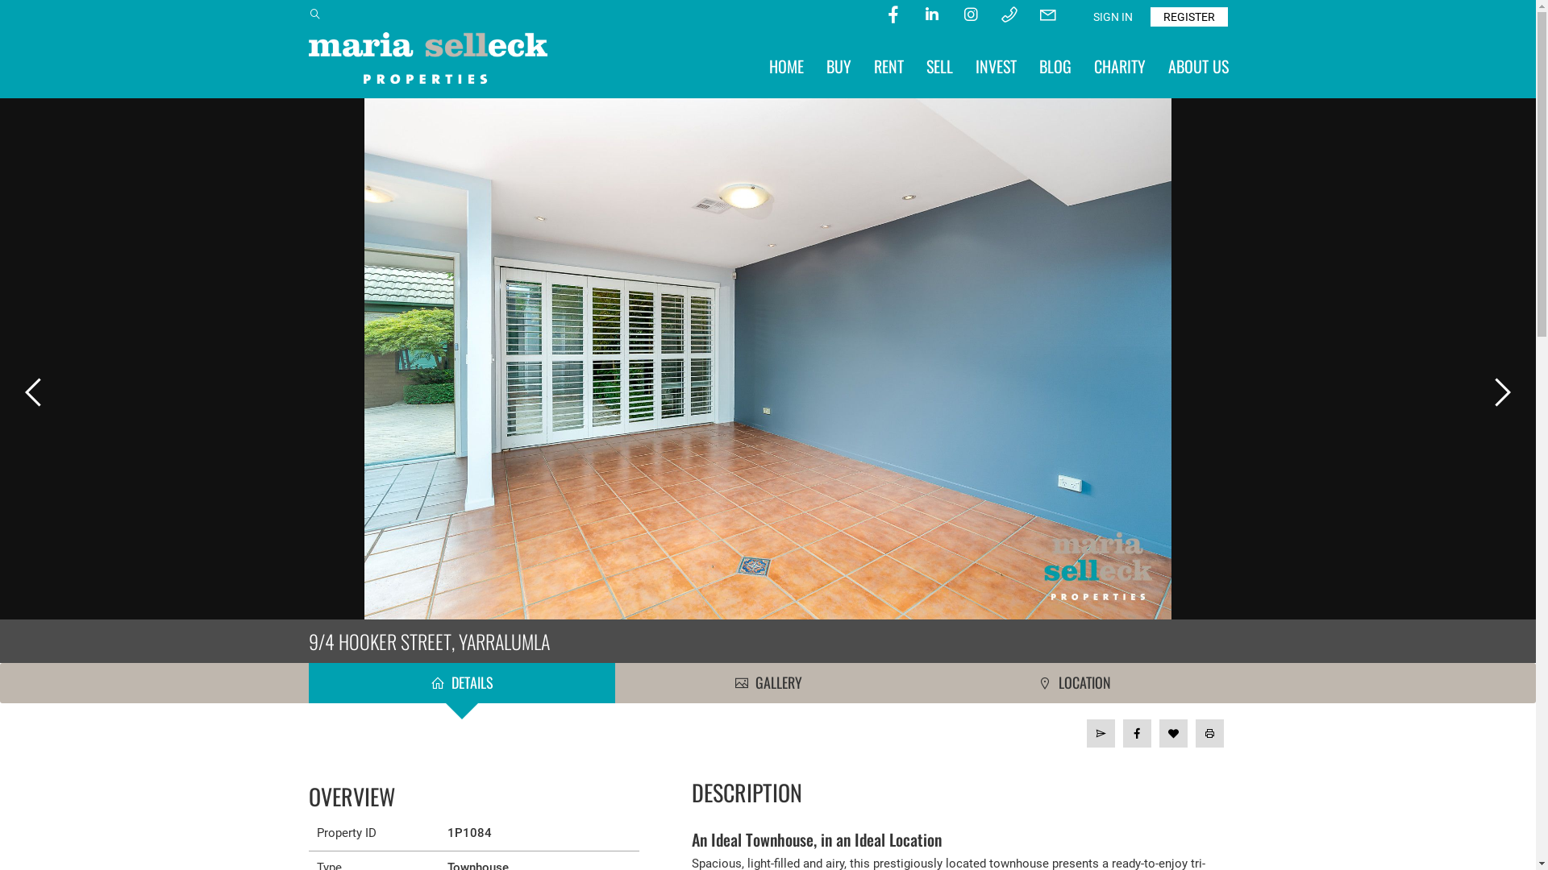 This screenshot has width=1548, height=870. What do you see at coordinates (938, 64) in the screenshot?
I see `'SELL'` at bounding box center [938, 64].